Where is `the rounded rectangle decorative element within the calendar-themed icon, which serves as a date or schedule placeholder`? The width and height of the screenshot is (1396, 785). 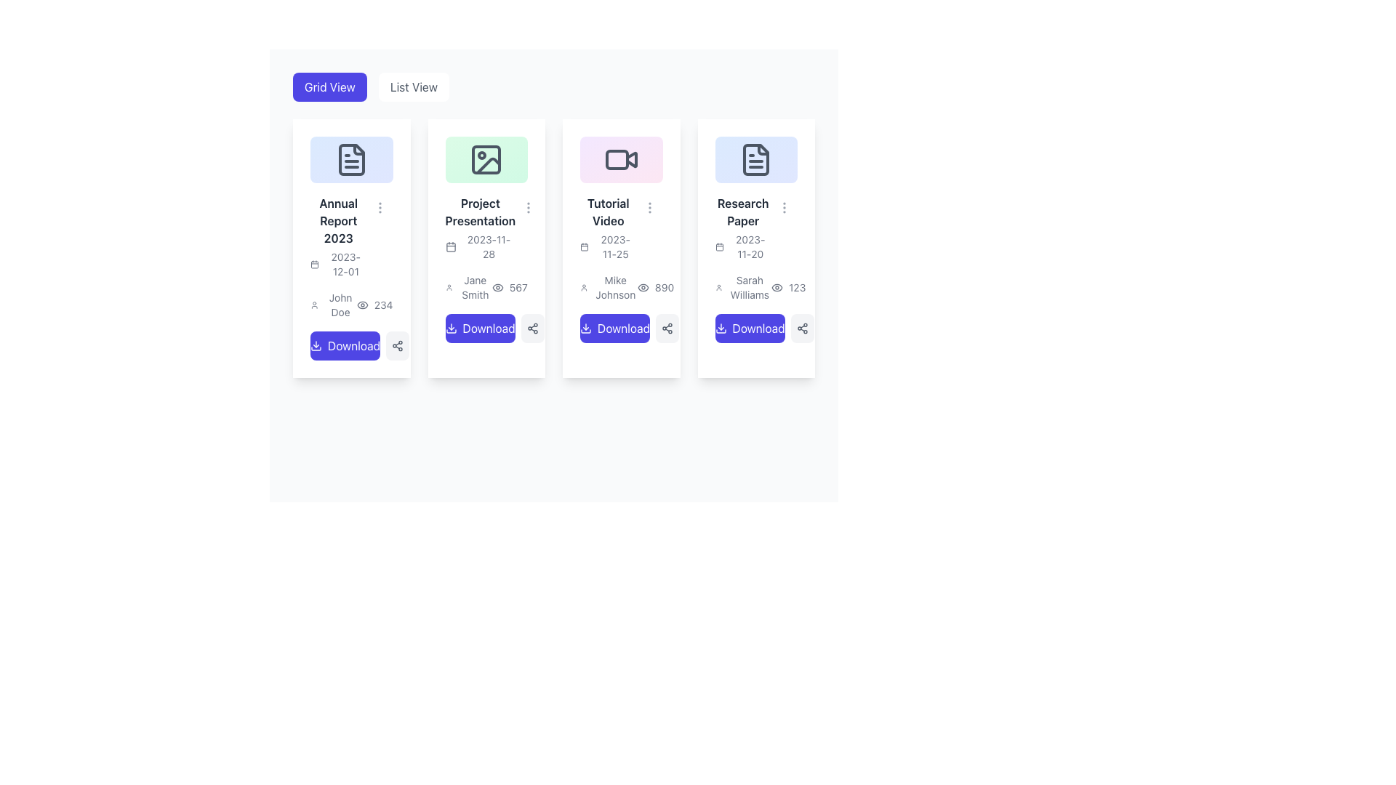
the rounded rectangle decorative element within the calendar-themed icon, which serves as a date or schedule placeholder is located at coordinates (313, 265).